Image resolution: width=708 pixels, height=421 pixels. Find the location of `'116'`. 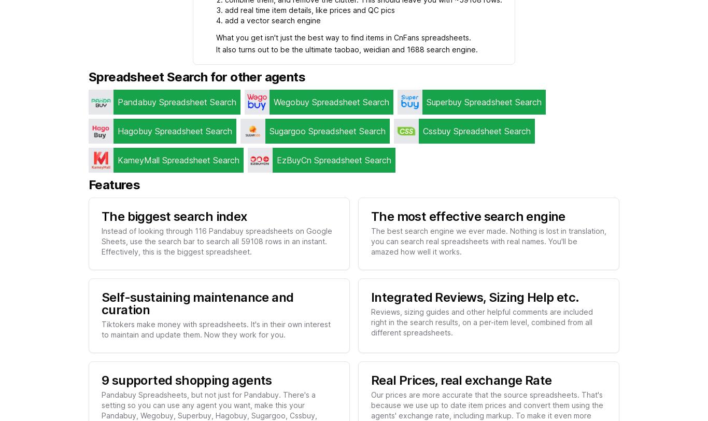

'116' is located at coordinates (200, 230).